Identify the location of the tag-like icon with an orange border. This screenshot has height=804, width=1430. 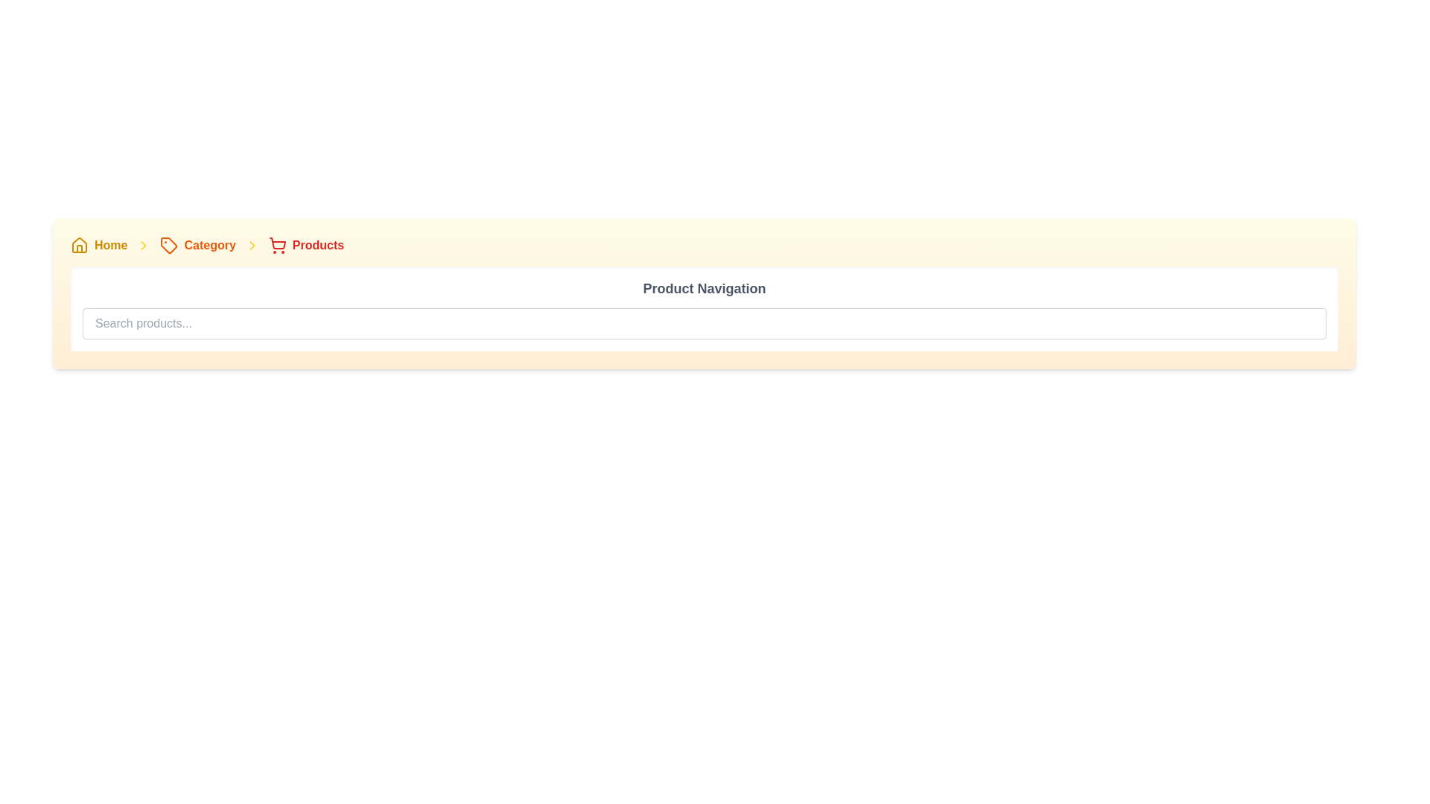
(169, 245).